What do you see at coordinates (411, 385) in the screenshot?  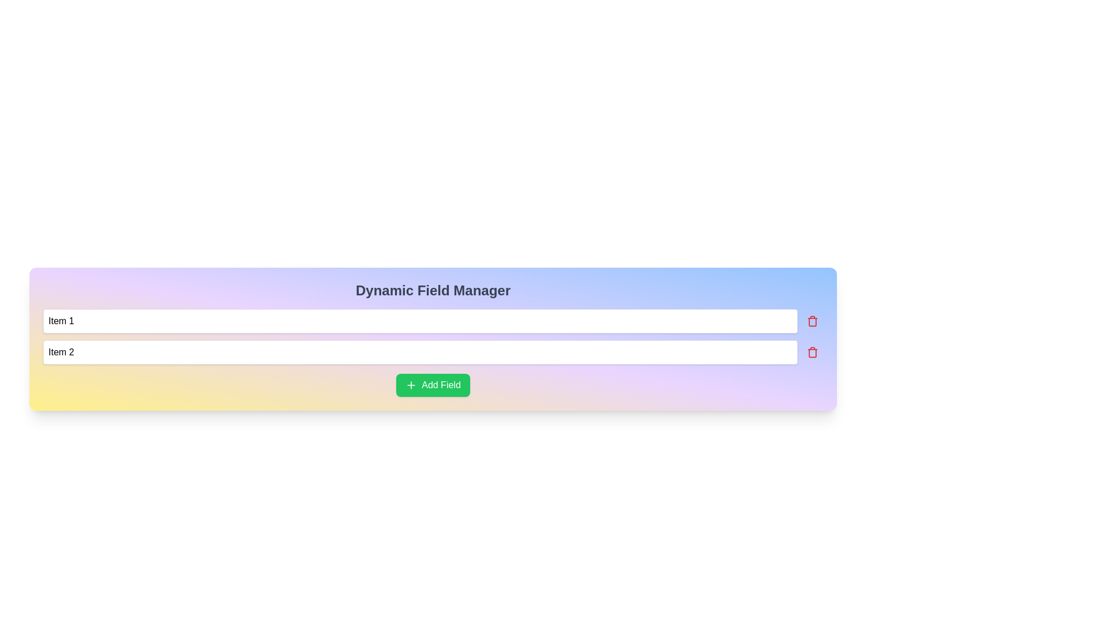 I see `the addition icon located on the left side inside the green 'Add Field' button` at bounding box center [411, 385].